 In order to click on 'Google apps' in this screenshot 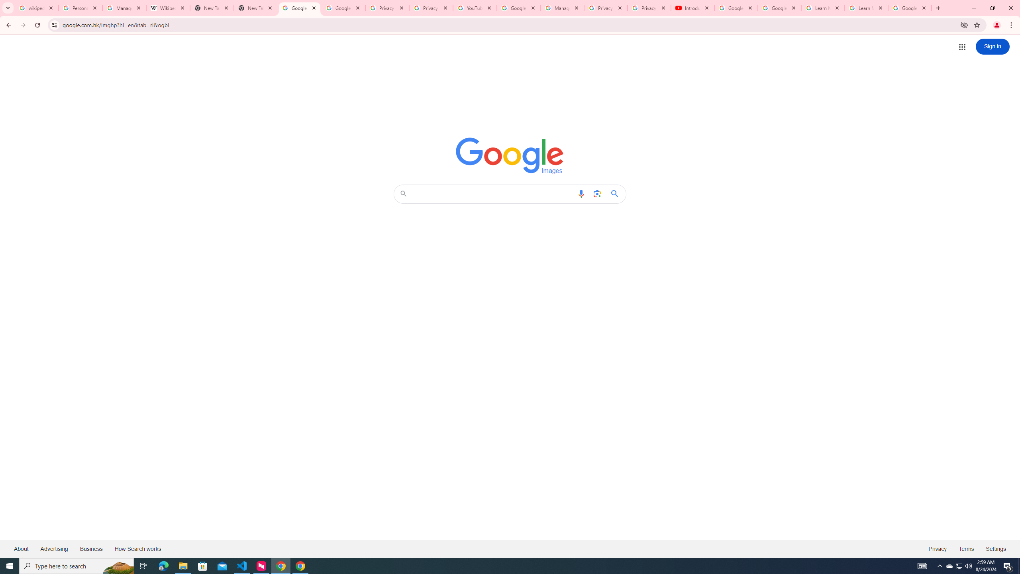, I will do `click(962, 46)`.